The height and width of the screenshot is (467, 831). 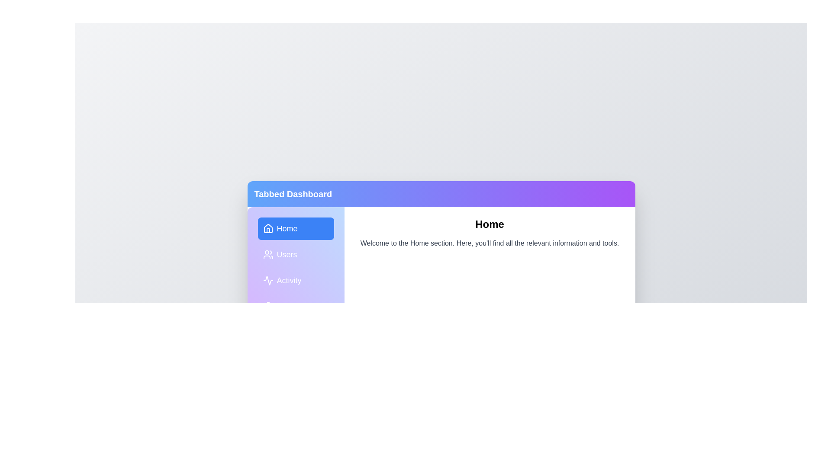 I want to click on the text in the main content area, so click(x=354, y=238).